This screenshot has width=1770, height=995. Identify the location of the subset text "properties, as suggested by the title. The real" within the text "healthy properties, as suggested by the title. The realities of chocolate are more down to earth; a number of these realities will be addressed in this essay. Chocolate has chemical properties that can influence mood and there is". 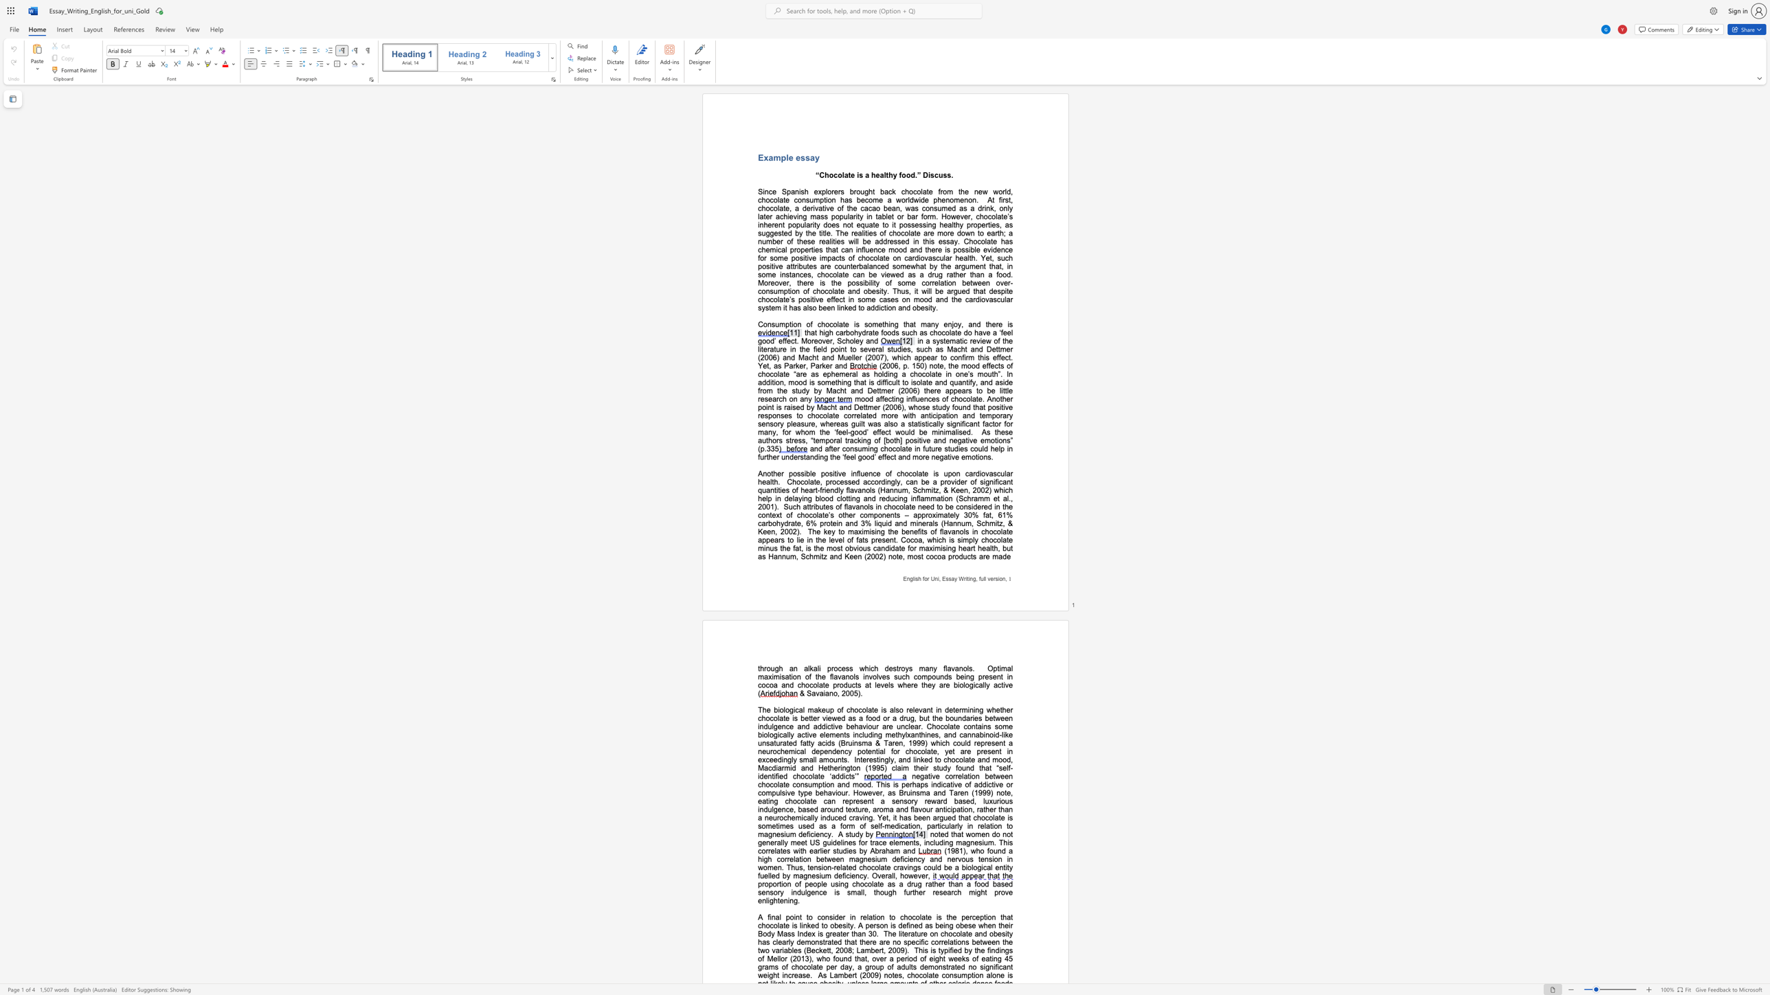
(967, 225).